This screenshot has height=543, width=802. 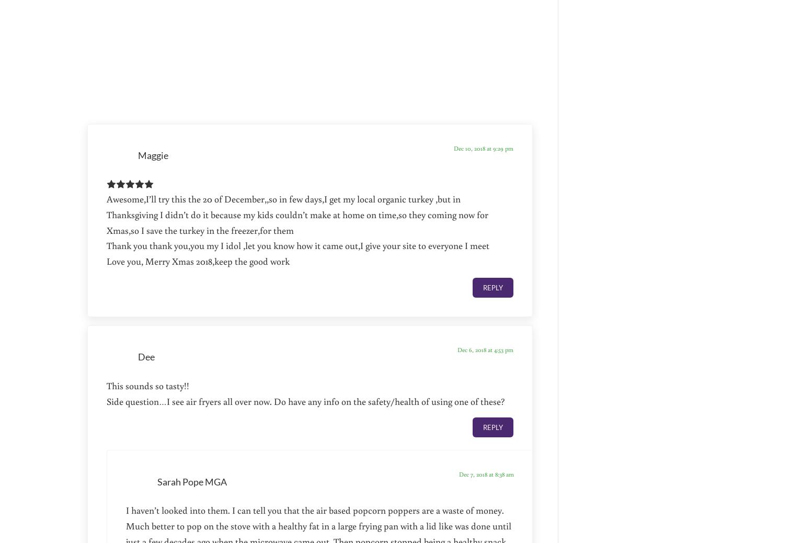 What do you see at coordinates (148, 384) in the screenshot?
I see `'This sounds so tasty!!'` at bounding box center [148, 384].